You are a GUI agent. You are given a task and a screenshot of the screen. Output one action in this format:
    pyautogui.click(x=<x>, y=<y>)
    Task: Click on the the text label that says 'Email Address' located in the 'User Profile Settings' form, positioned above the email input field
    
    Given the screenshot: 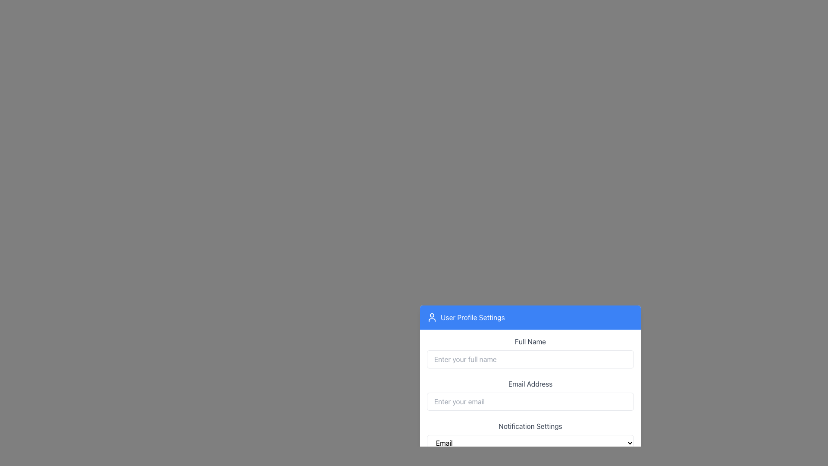 What is the action you would take?
    pyautogui.click(x=530, y=383)
    